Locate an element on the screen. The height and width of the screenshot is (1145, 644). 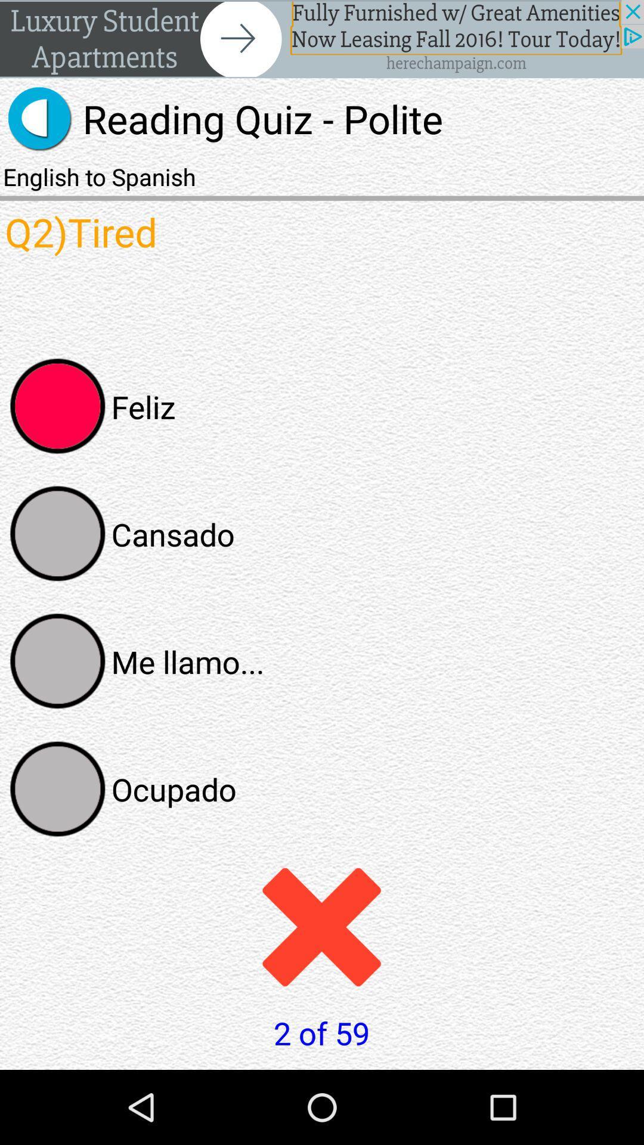
open advertisement is located at coordinates (322, 39).